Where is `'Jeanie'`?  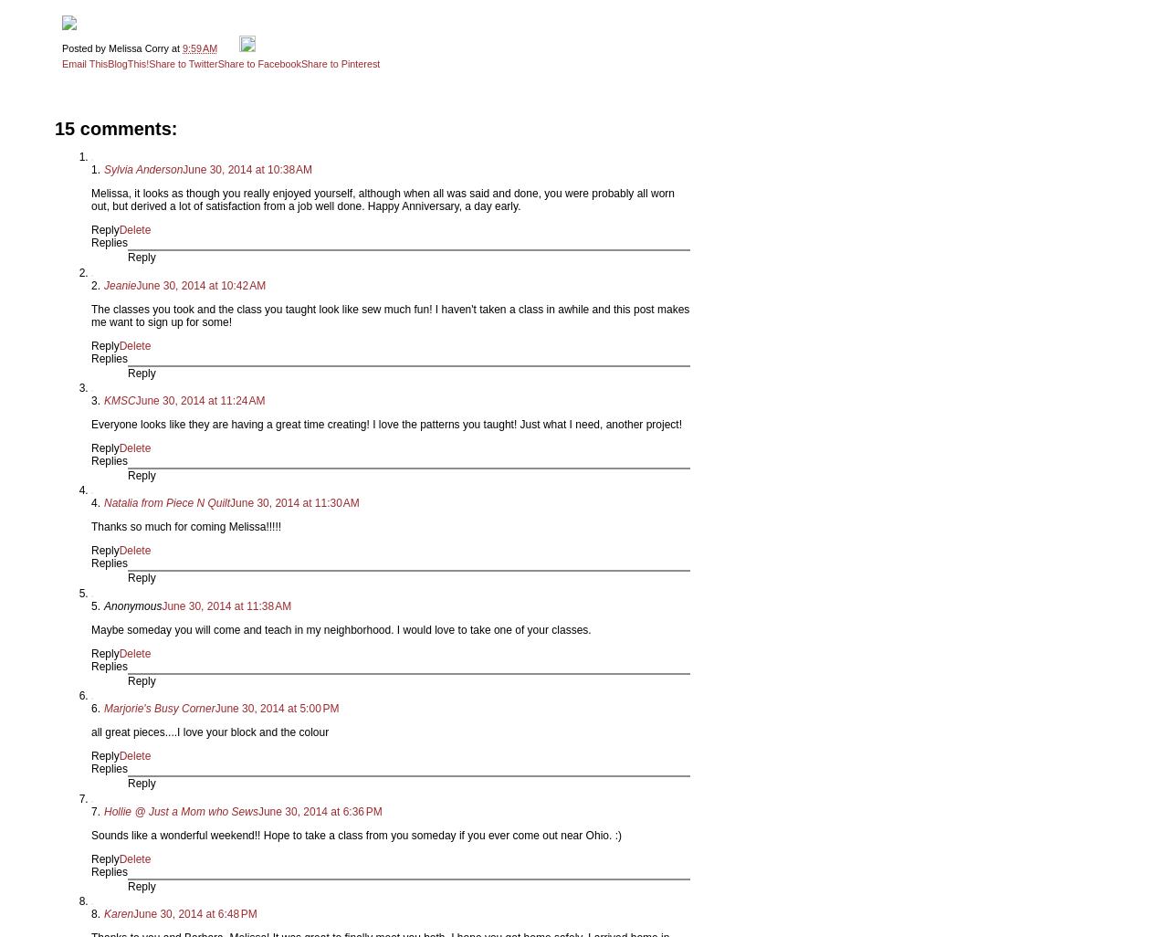
'Jeanie' is located at coordinates (120, 285).